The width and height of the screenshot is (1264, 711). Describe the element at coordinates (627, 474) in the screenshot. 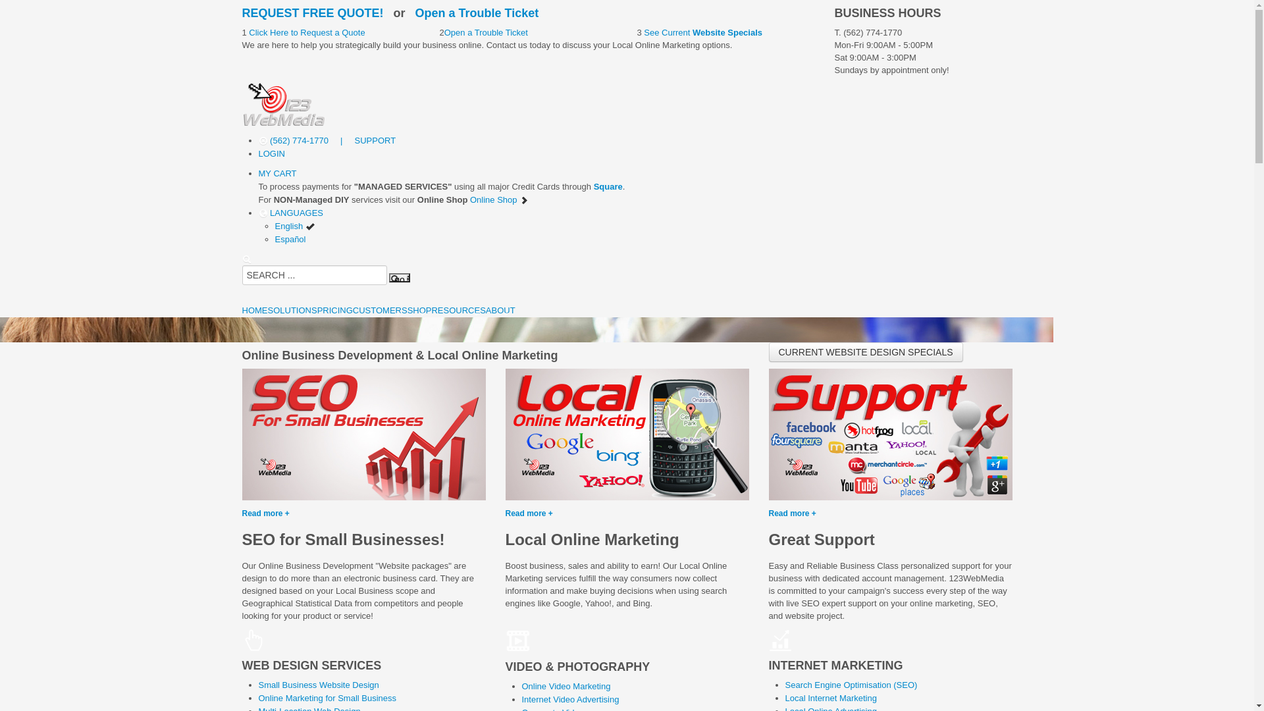

I see `'Read more +'` at that location.